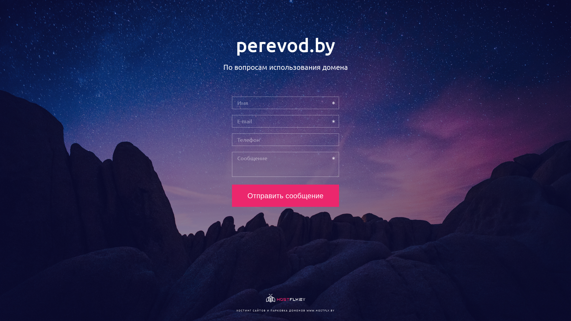  What do you see at coordinates (320, 310) in the screenshot?
I see `'WWW.HOSTFLY.BY'` at bounding box center [320, 310].